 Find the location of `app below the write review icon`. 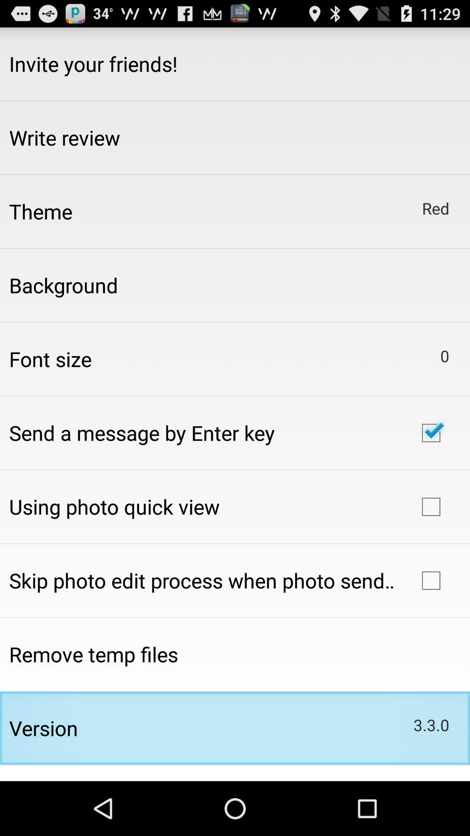

app below the write review icon is located at coordinates (40, 211).